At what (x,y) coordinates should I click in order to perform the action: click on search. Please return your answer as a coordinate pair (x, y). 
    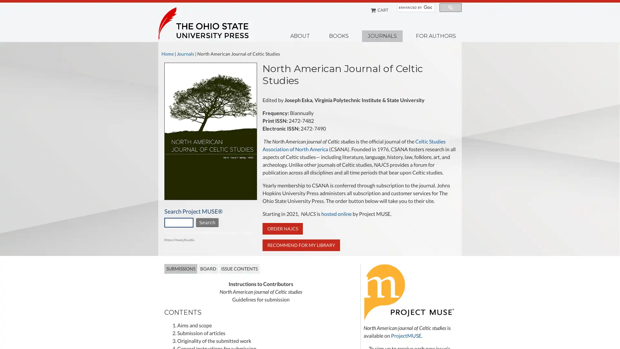
    Looking at the image, I should click on (450, 7).